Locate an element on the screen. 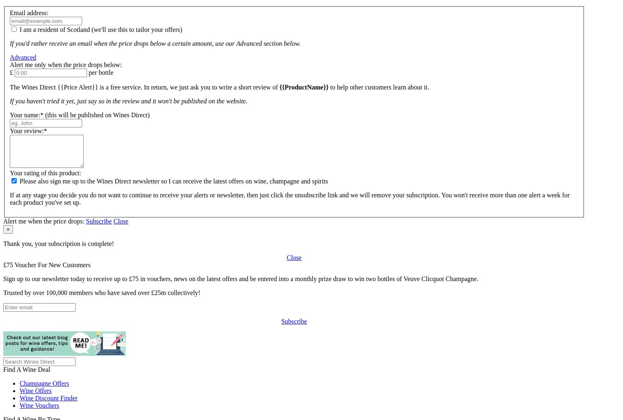  'Wine Offers' is located at coordinates (19, 390).